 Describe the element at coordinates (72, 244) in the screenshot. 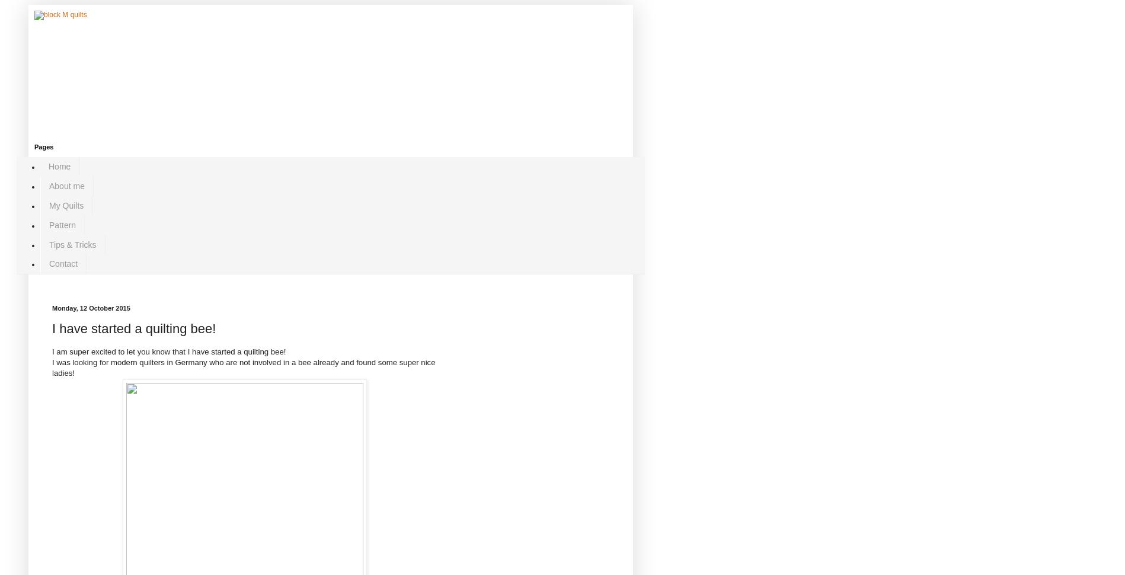

I see `'Tips & Tricks'` at that location.